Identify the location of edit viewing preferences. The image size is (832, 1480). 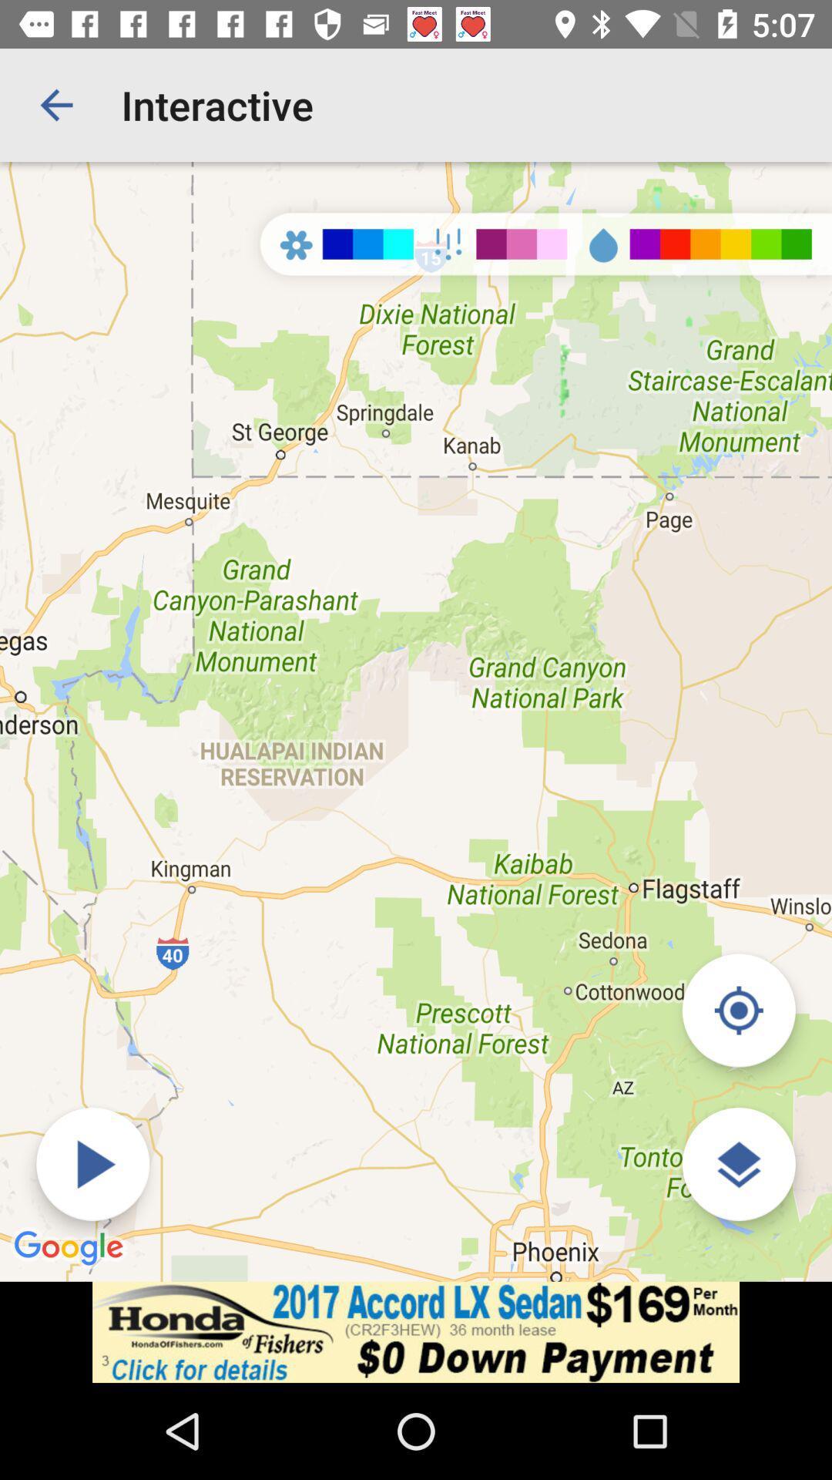
(738, 1164).